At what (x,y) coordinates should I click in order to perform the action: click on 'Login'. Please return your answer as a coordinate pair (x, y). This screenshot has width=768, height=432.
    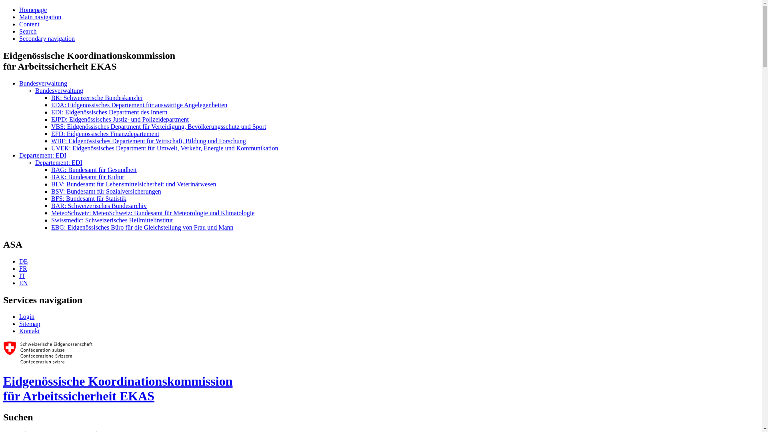
    Looking at the image, I should click on (19, 316).